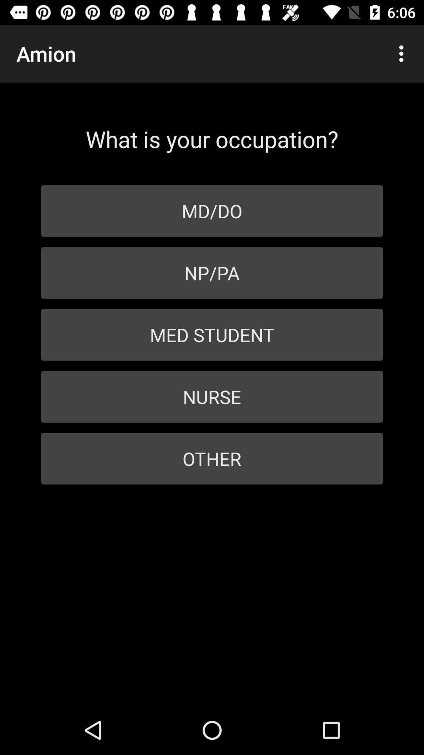 This screenshot has width=424, height=755. I want to click on the item below what is your icon, so click(212, 211).